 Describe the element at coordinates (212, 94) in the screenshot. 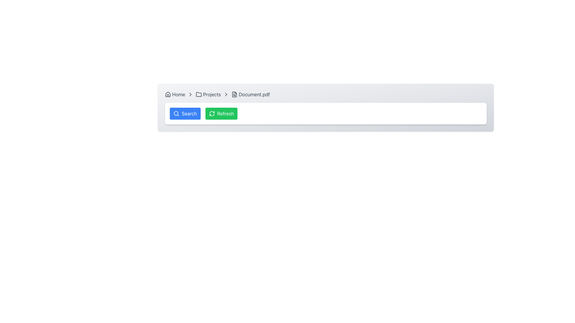

I see `the third element in the breadcrumb navigation bar, which serves as a text link for navigation` at that location.